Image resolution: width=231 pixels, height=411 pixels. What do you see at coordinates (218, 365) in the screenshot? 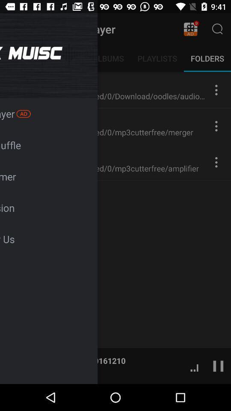
I see `the pause icon` at bounding box center [218, 365].